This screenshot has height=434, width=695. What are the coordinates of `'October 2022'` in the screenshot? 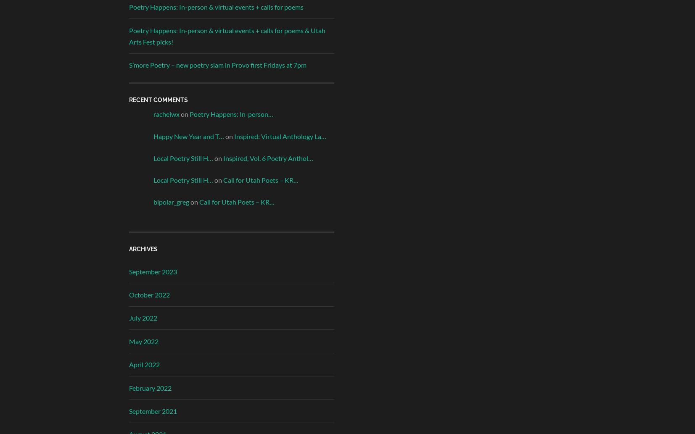 It's located at (148, 295).